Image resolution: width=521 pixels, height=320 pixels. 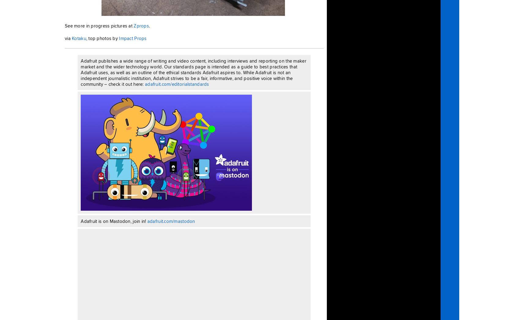 I want to click on 'Adafruit publishes a wide range of writing and video content, including interviews and reporting on the maker market and the wider technology world. Our standards page is intended as a guide to best practices that Adafruit uses, as well as an outline of the ethical standards Adafruit aspires to. While Adafruit is not an independent journalistic institution, Adafruit strives to be a fair, informative, and positive voice within the community – check it out here:', so click(x=193, y=72).